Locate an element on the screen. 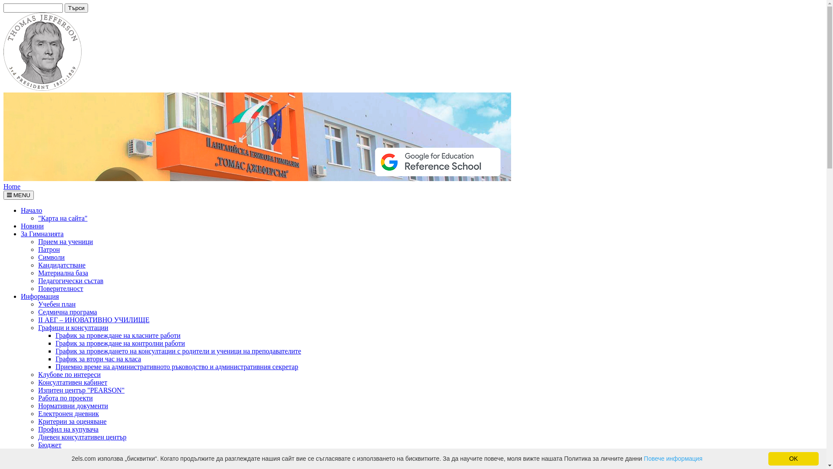 Image resolution: width=833 pixels, height=469 pixels. 'MENU' is located at coordinates (19, 195).